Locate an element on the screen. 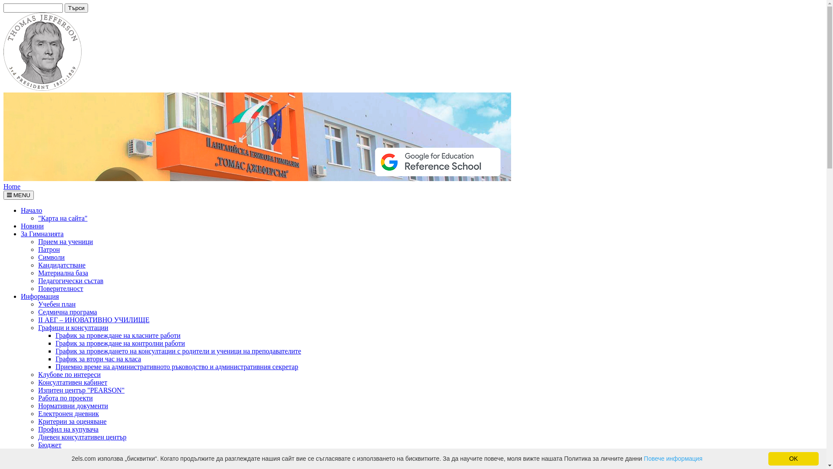 Image resolution: width=833 pixels, height=469 pixels. 'MENU' is located at coordinates (19, 195).